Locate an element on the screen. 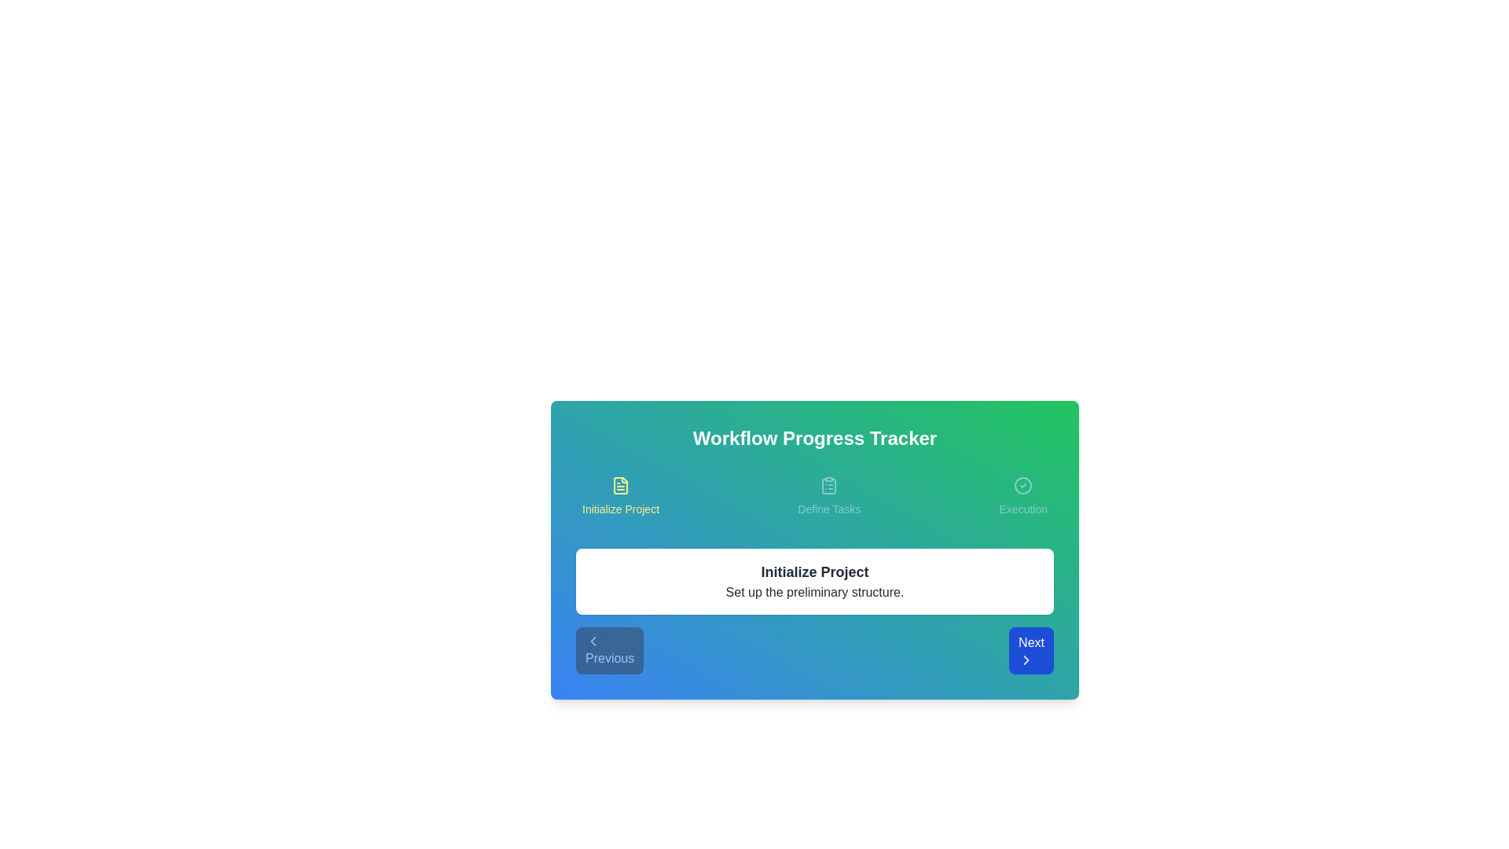 This screenshot has width=1509, height=849. the Next button to navigate the workflow is located at coordinates (1031, 651).